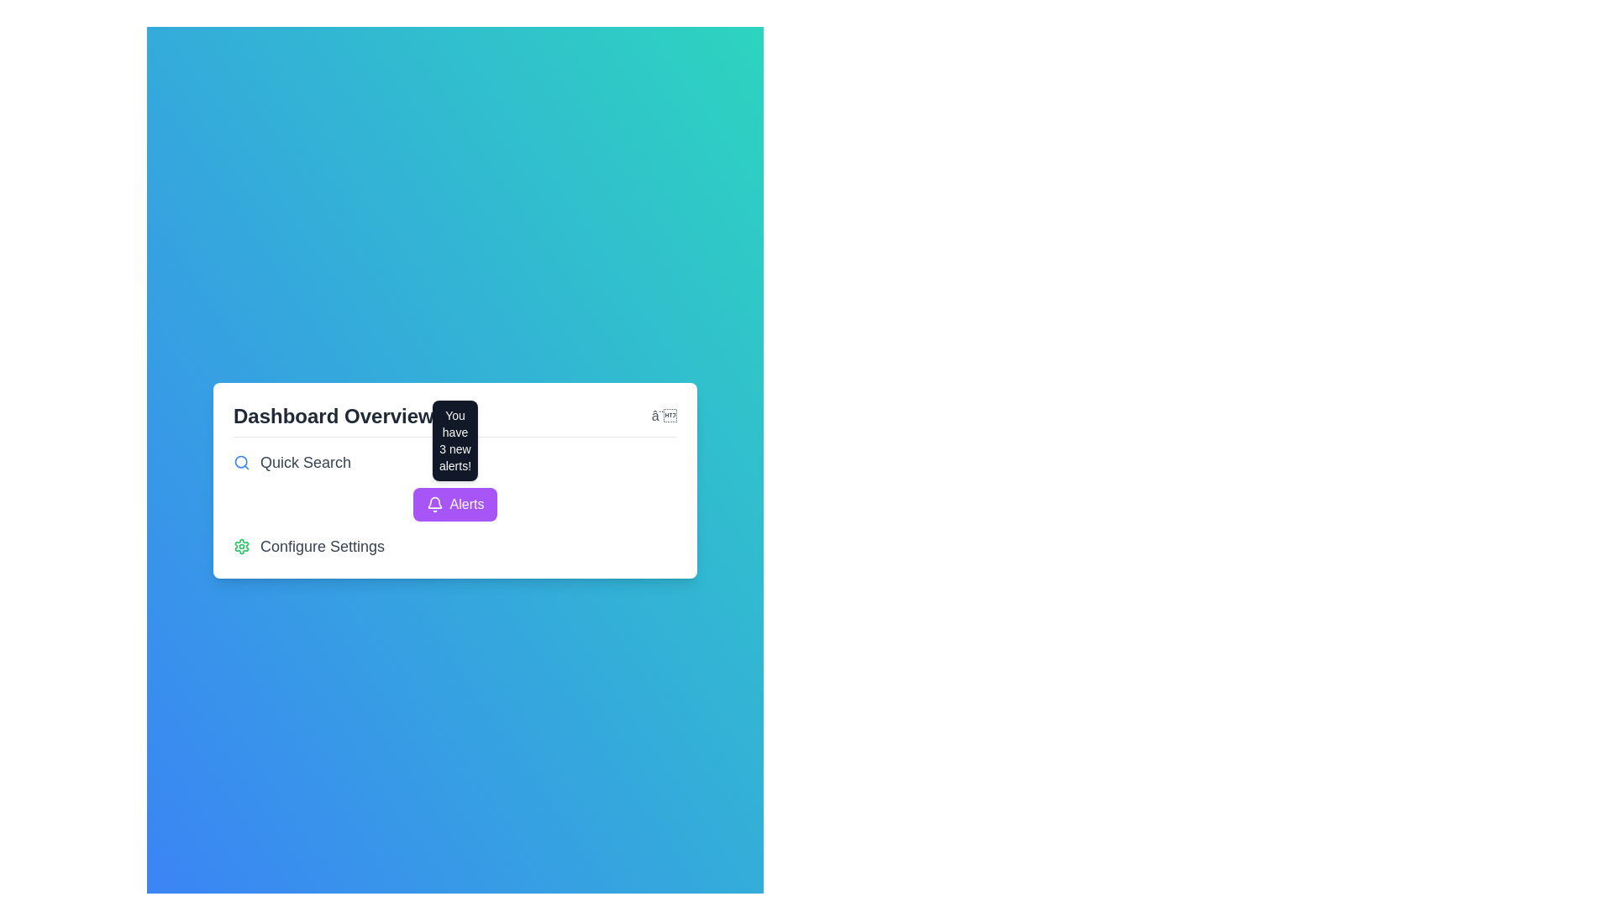 The height and width of the screenshot is (907, 1613). What do you see at coordinates (455, 503) in the screenshot?
I see `the alert notifications button located below the 'Quick Search' item and above 'Configure Settings'` at bounding box center [455, 503].